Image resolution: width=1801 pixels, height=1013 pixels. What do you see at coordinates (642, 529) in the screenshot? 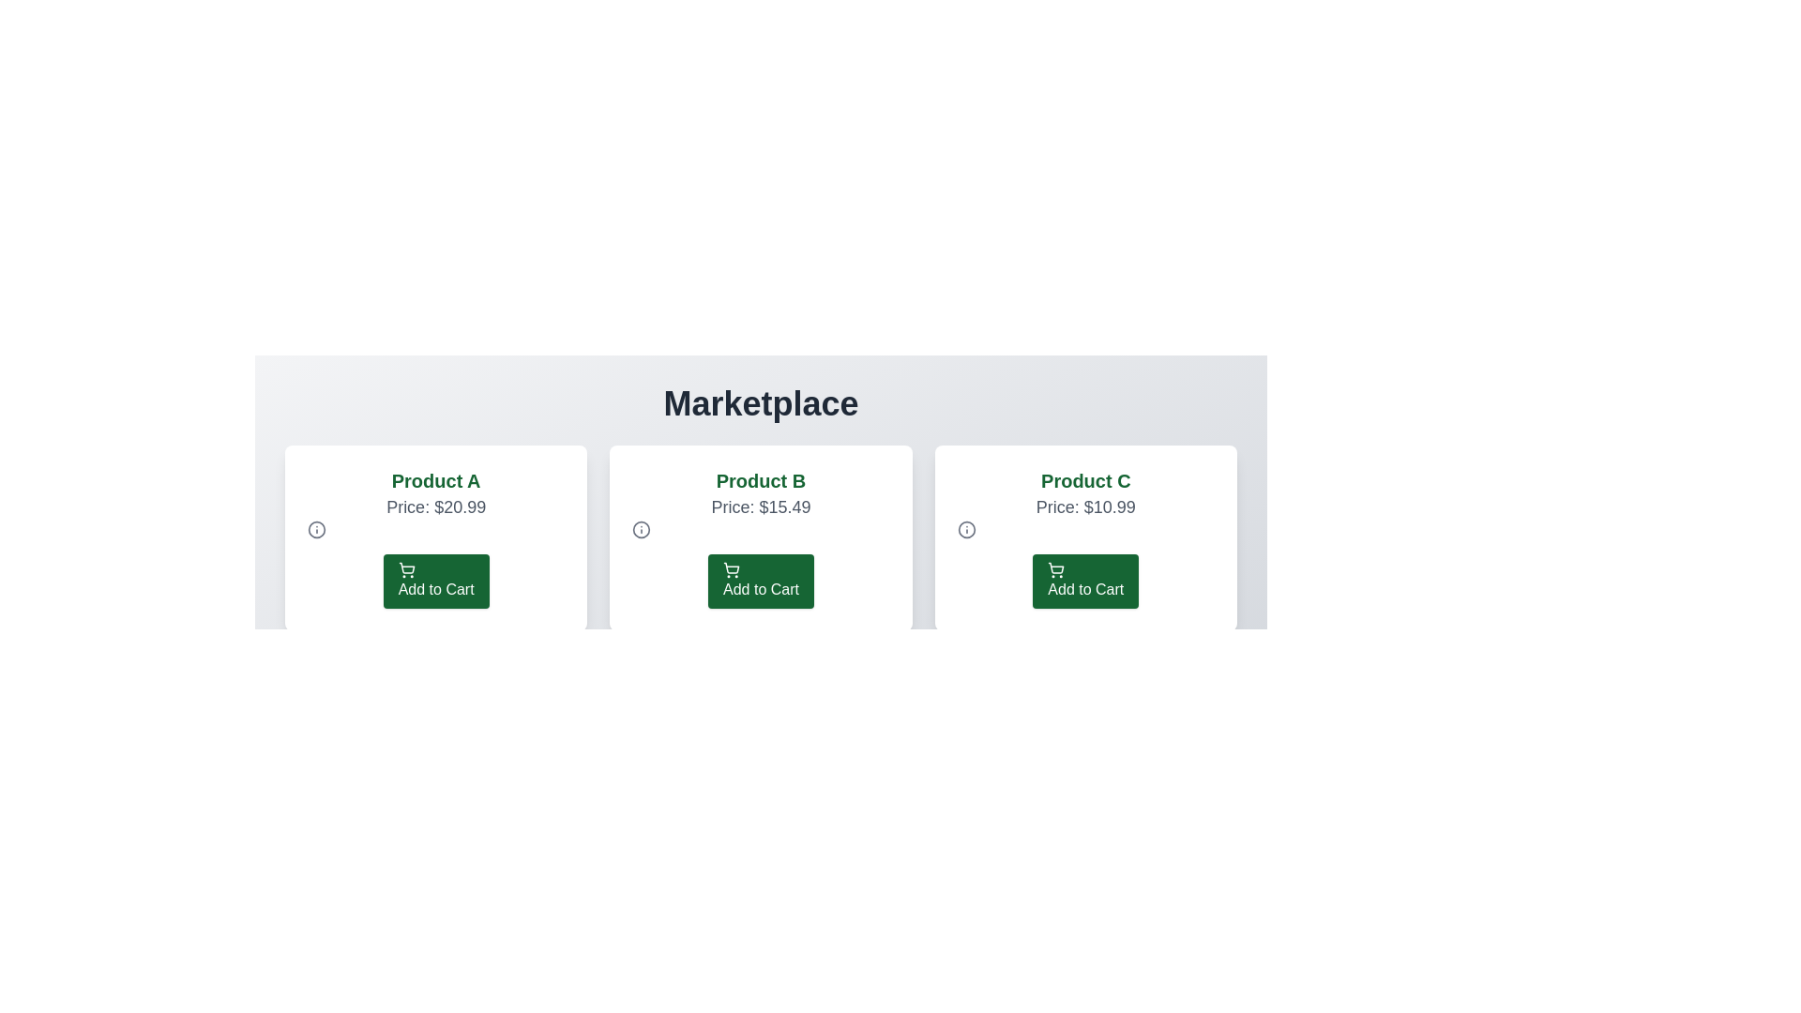
I see `the information icon located within the card for 'Product B', positioned just below the price text '$15.49' and above the 'Add to Cart' button` at bounding box center [642, 529].